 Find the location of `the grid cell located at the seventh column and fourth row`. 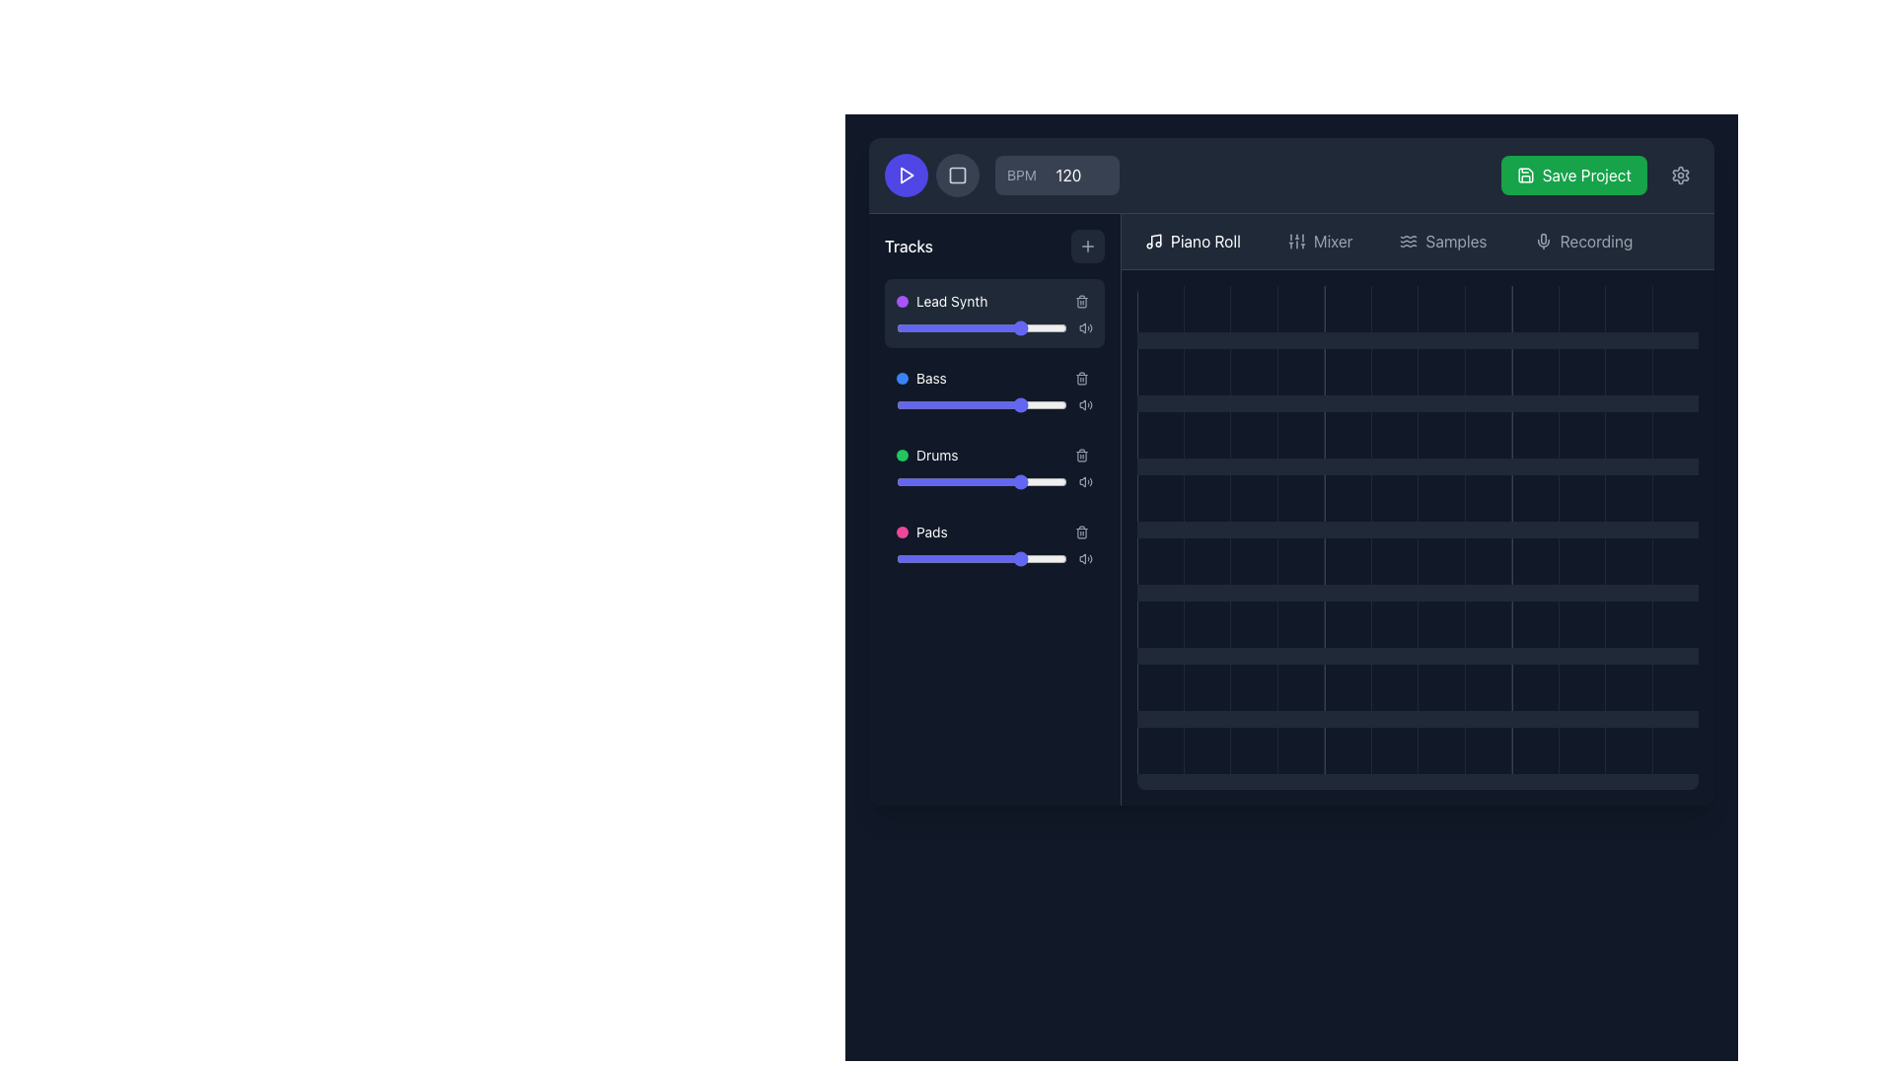

the grid cell located at the seventh column and fourth row is located at coordinates (1488, 561).